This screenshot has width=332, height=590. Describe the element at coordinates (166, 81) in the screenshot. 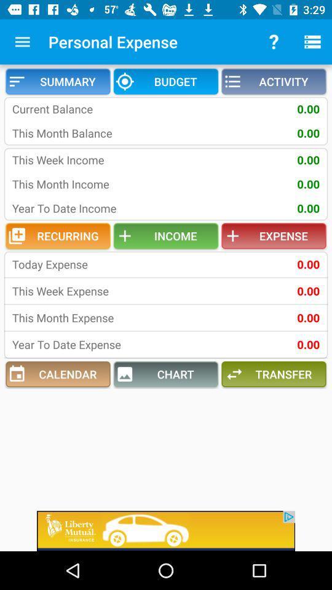

I see `the budget` at that location.